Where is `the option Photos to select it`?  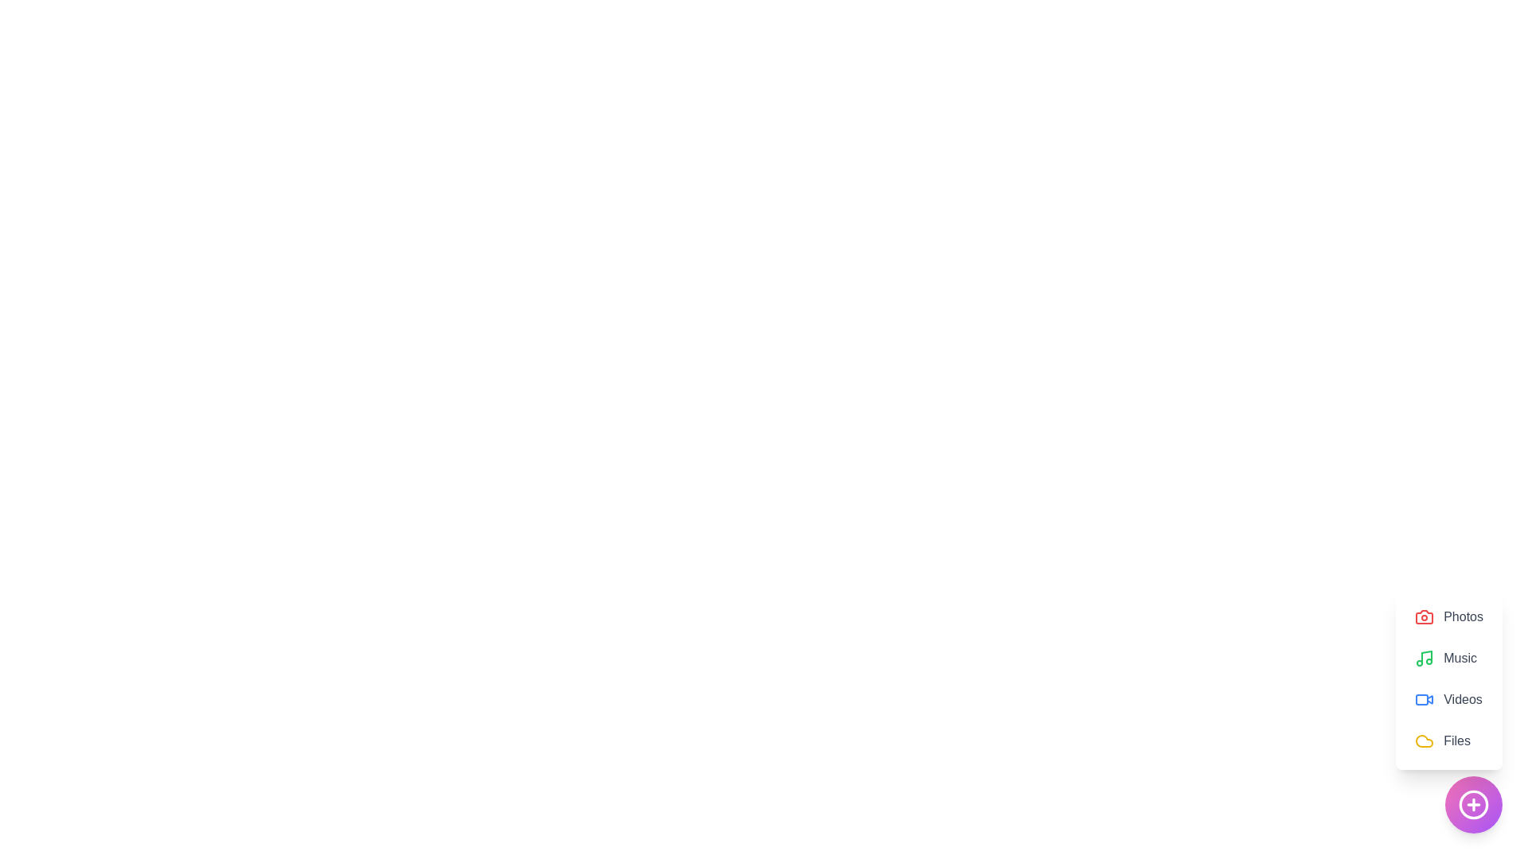 the option Photos to select it is located at coordinates (1448, 616).